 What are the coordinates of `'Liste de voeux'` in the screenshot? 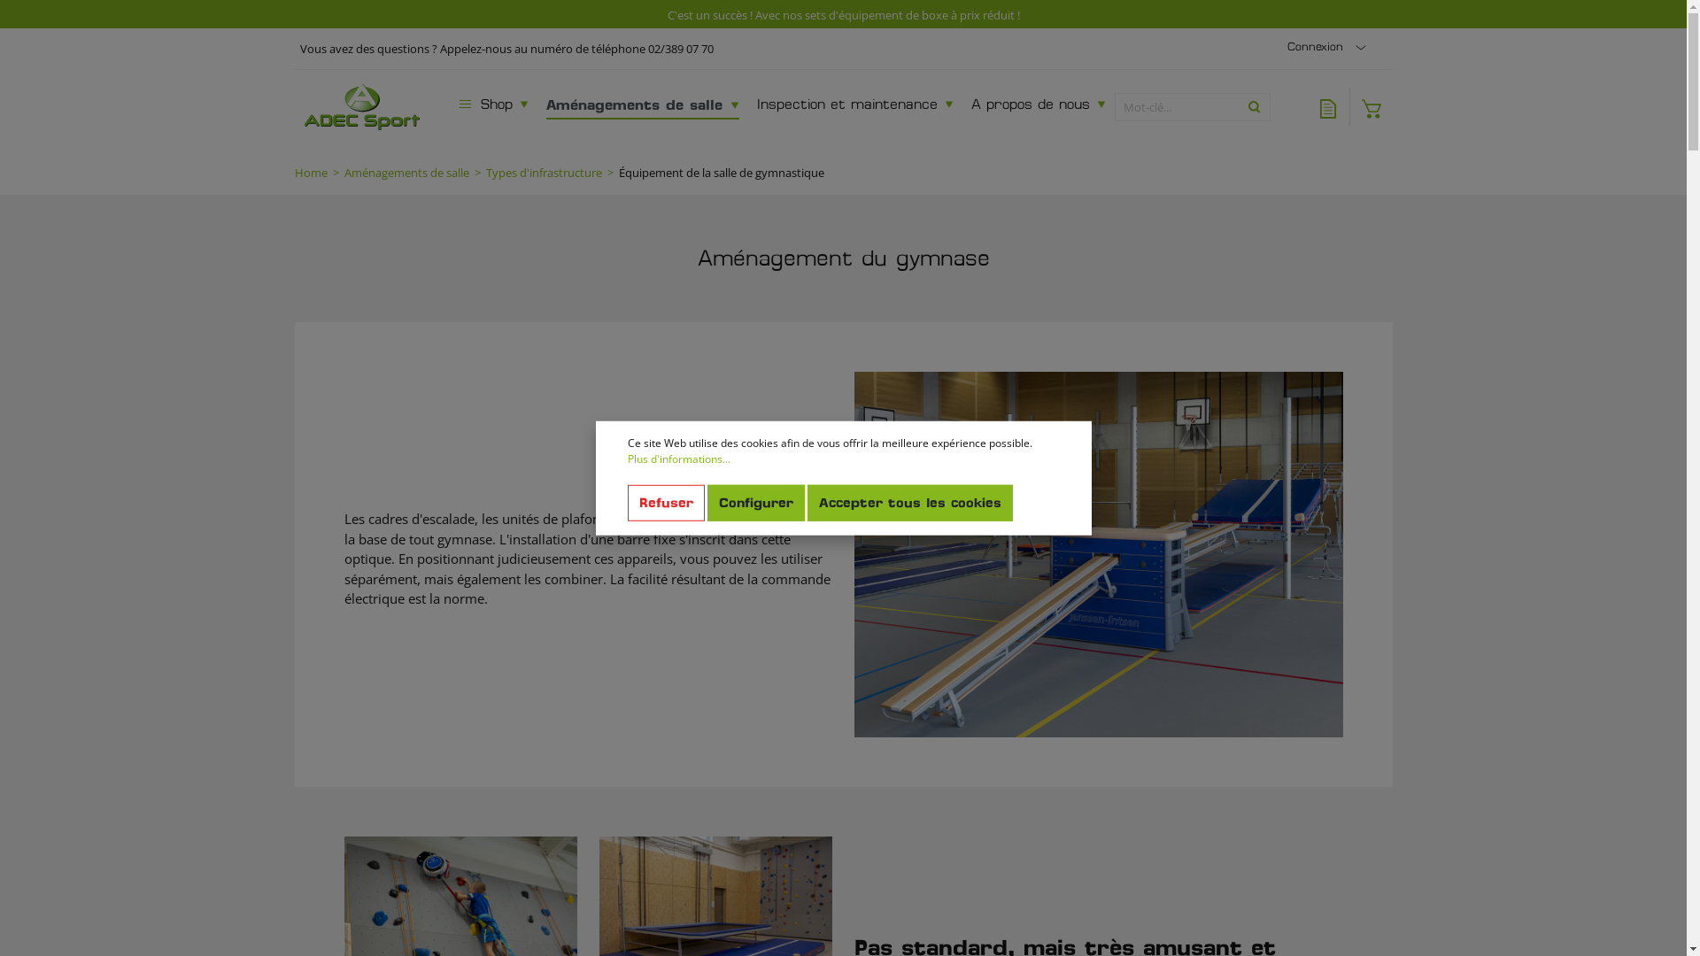 It's located at (1327, 106).